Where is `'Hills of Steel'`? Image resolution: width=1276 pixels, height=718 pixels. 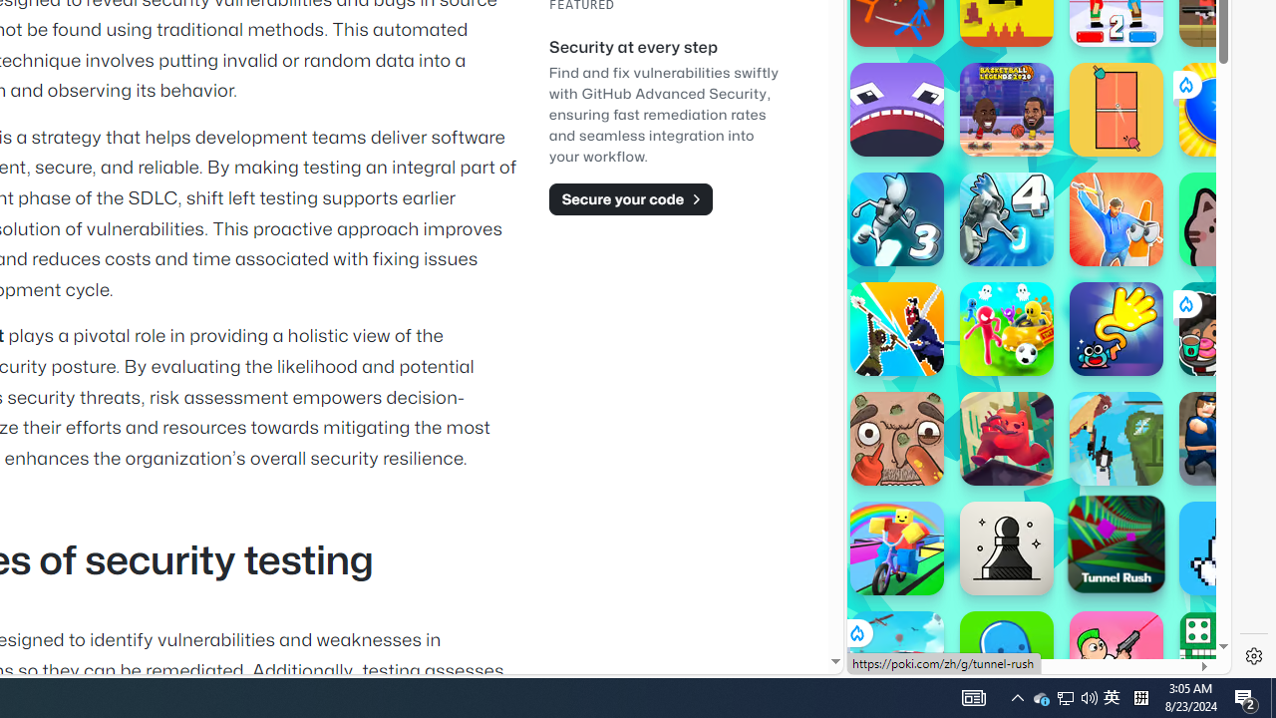
'Hills of Steel' is located at coordinates (940, 299).